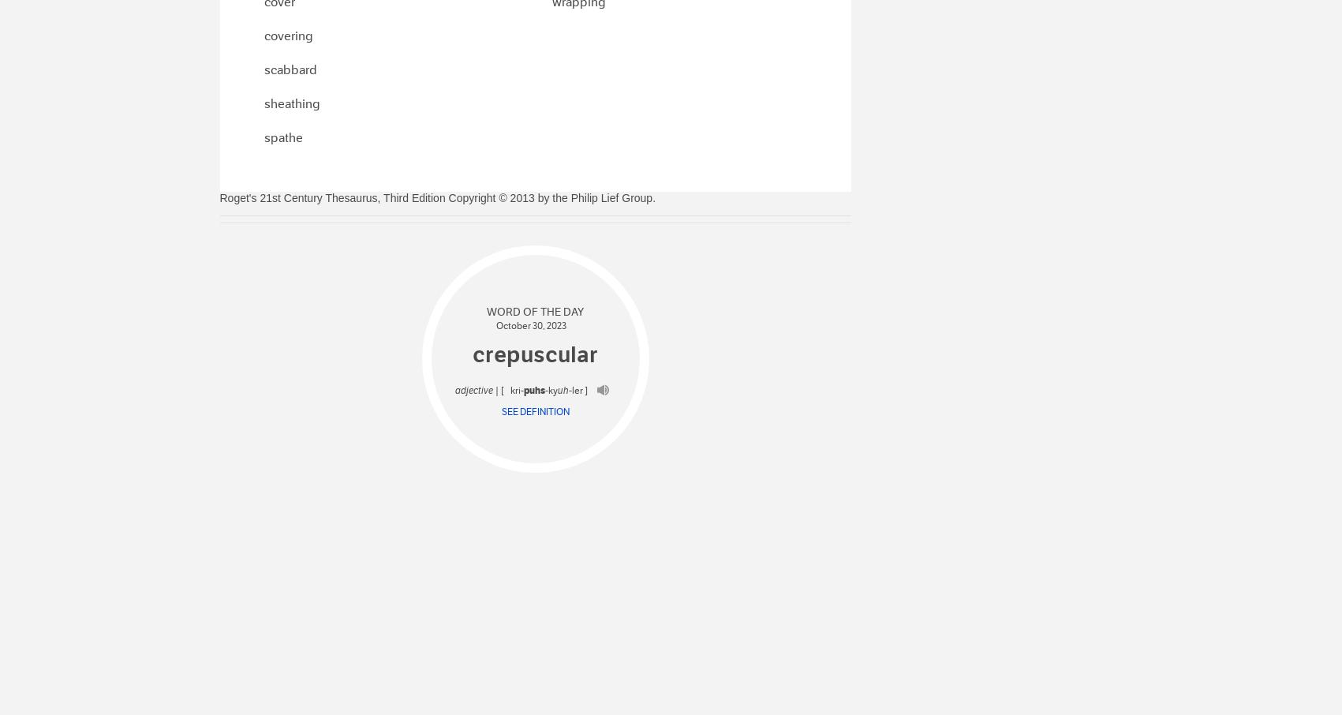  I want to click on 'Roget's 21st Century Thesaurus, Third Edition Copyright © 2013 by the Philip Lief Group.', so click(437, 197).